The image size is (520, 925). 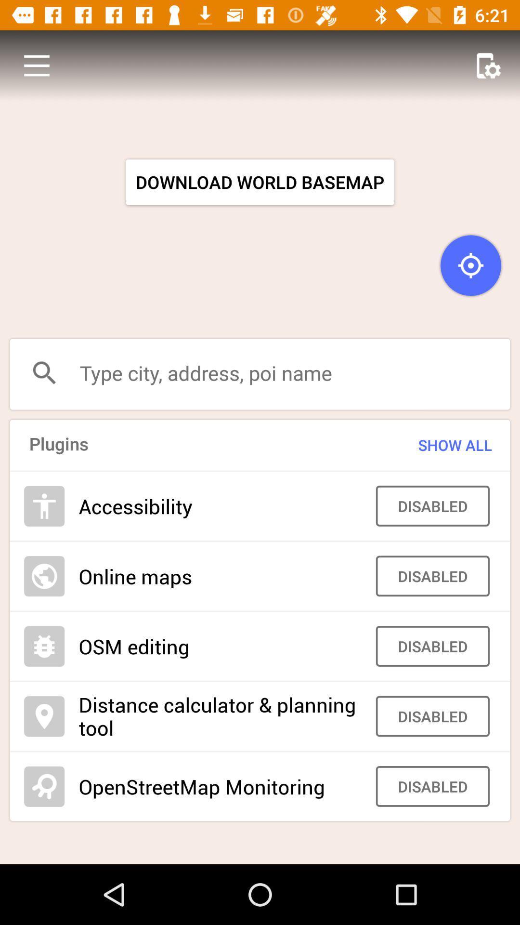 I want to click on the item above the type city address item, so click(x=260, y=182).